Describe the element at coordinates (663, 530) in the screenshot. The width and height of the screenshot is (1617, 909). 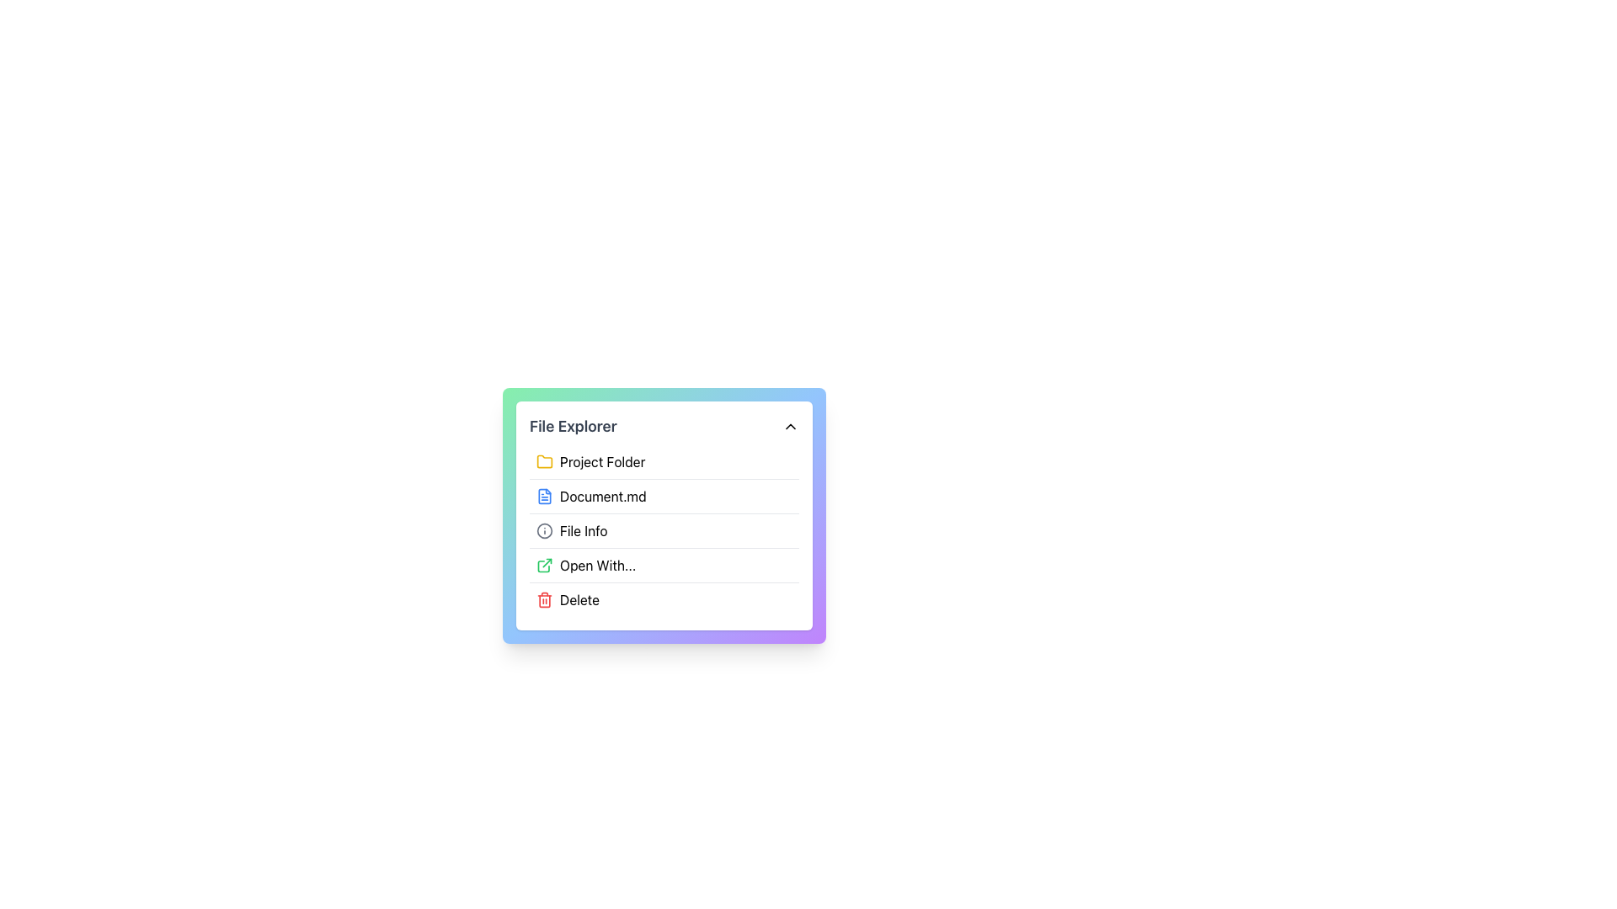
I see `the 'File Info' clickable menu option` at that location.